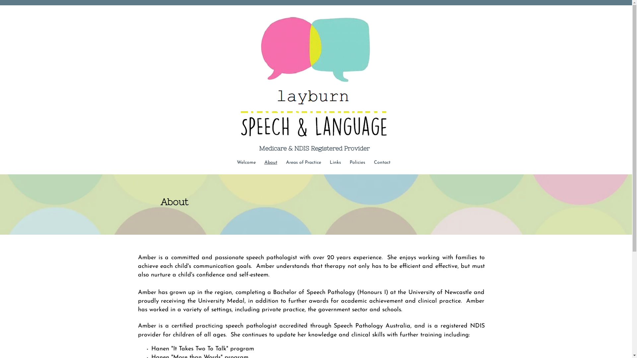 This screenshot has height=358, width=637. I want to click on 'Links', so click(325, 162).